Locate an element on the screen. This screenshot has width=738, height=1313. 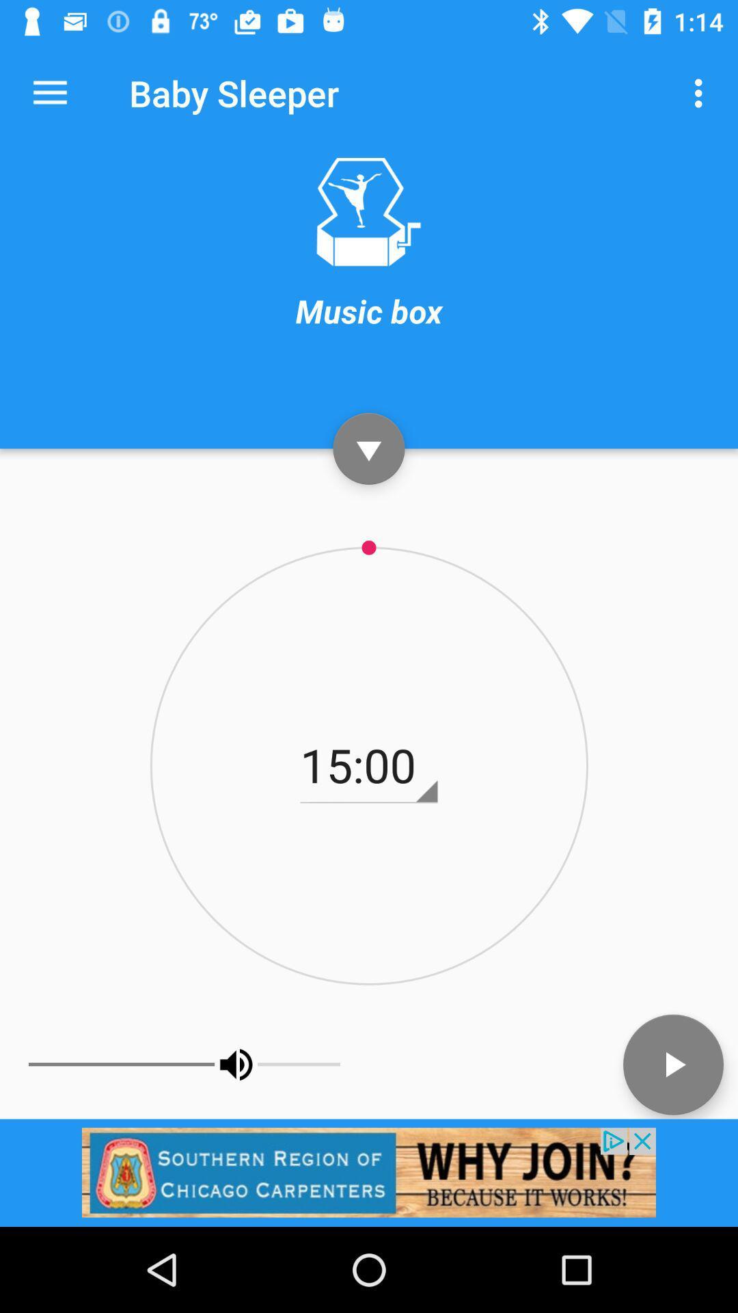
audio is located at coordinates (672, 1063).